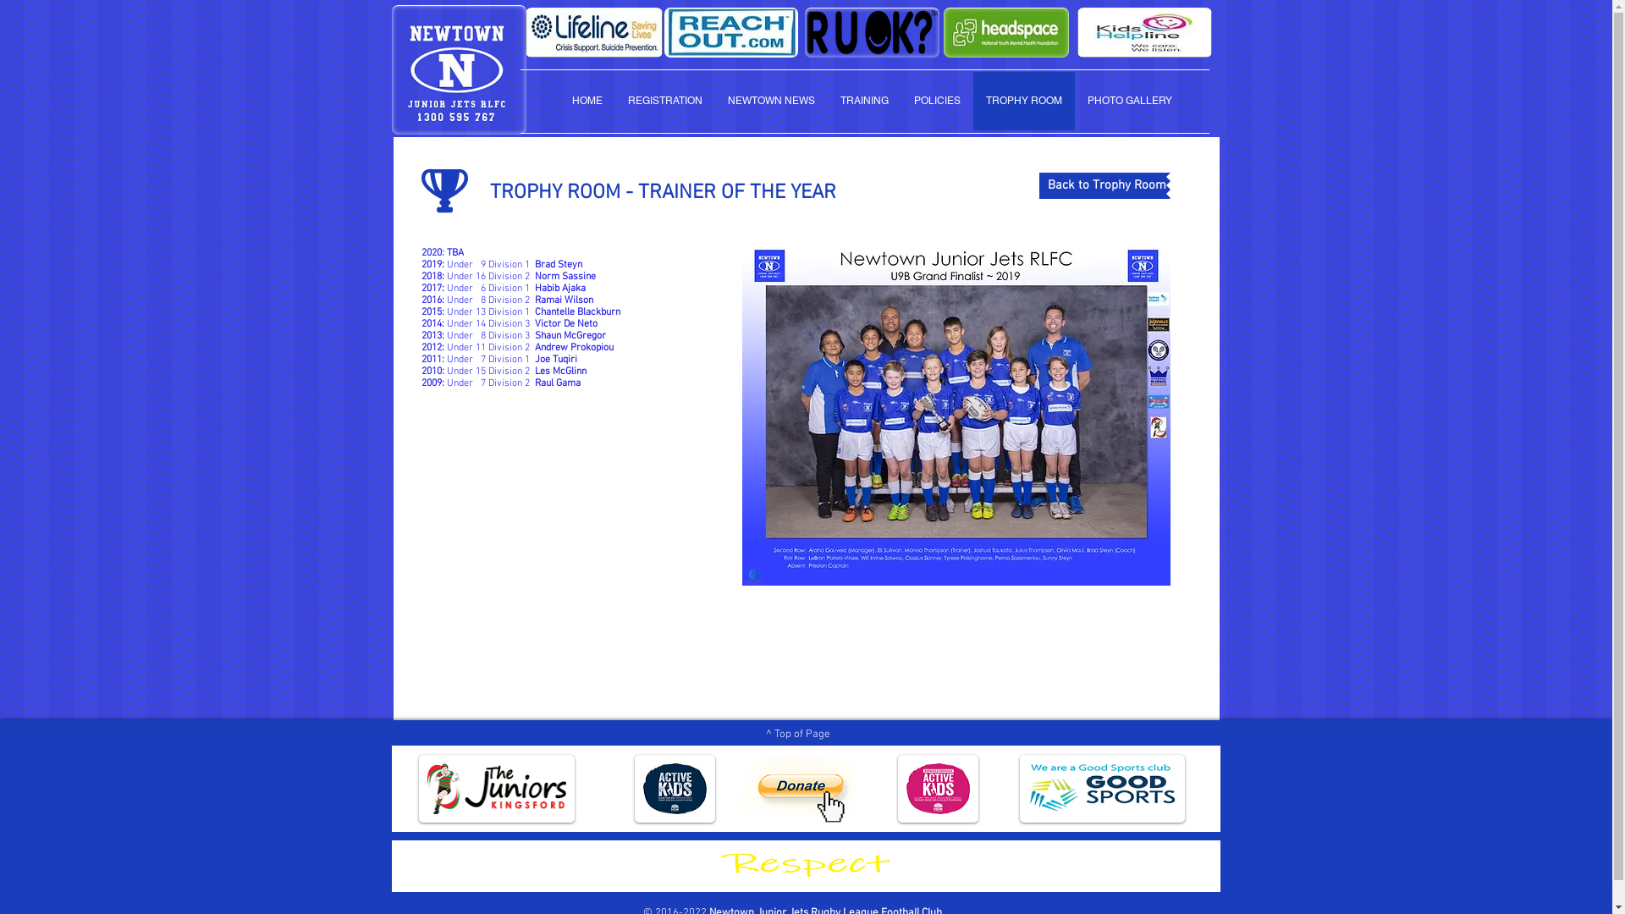  Describe the element at coordinates (613, 101) in the screenshot. I see `'REGISTRATION'` at that location.